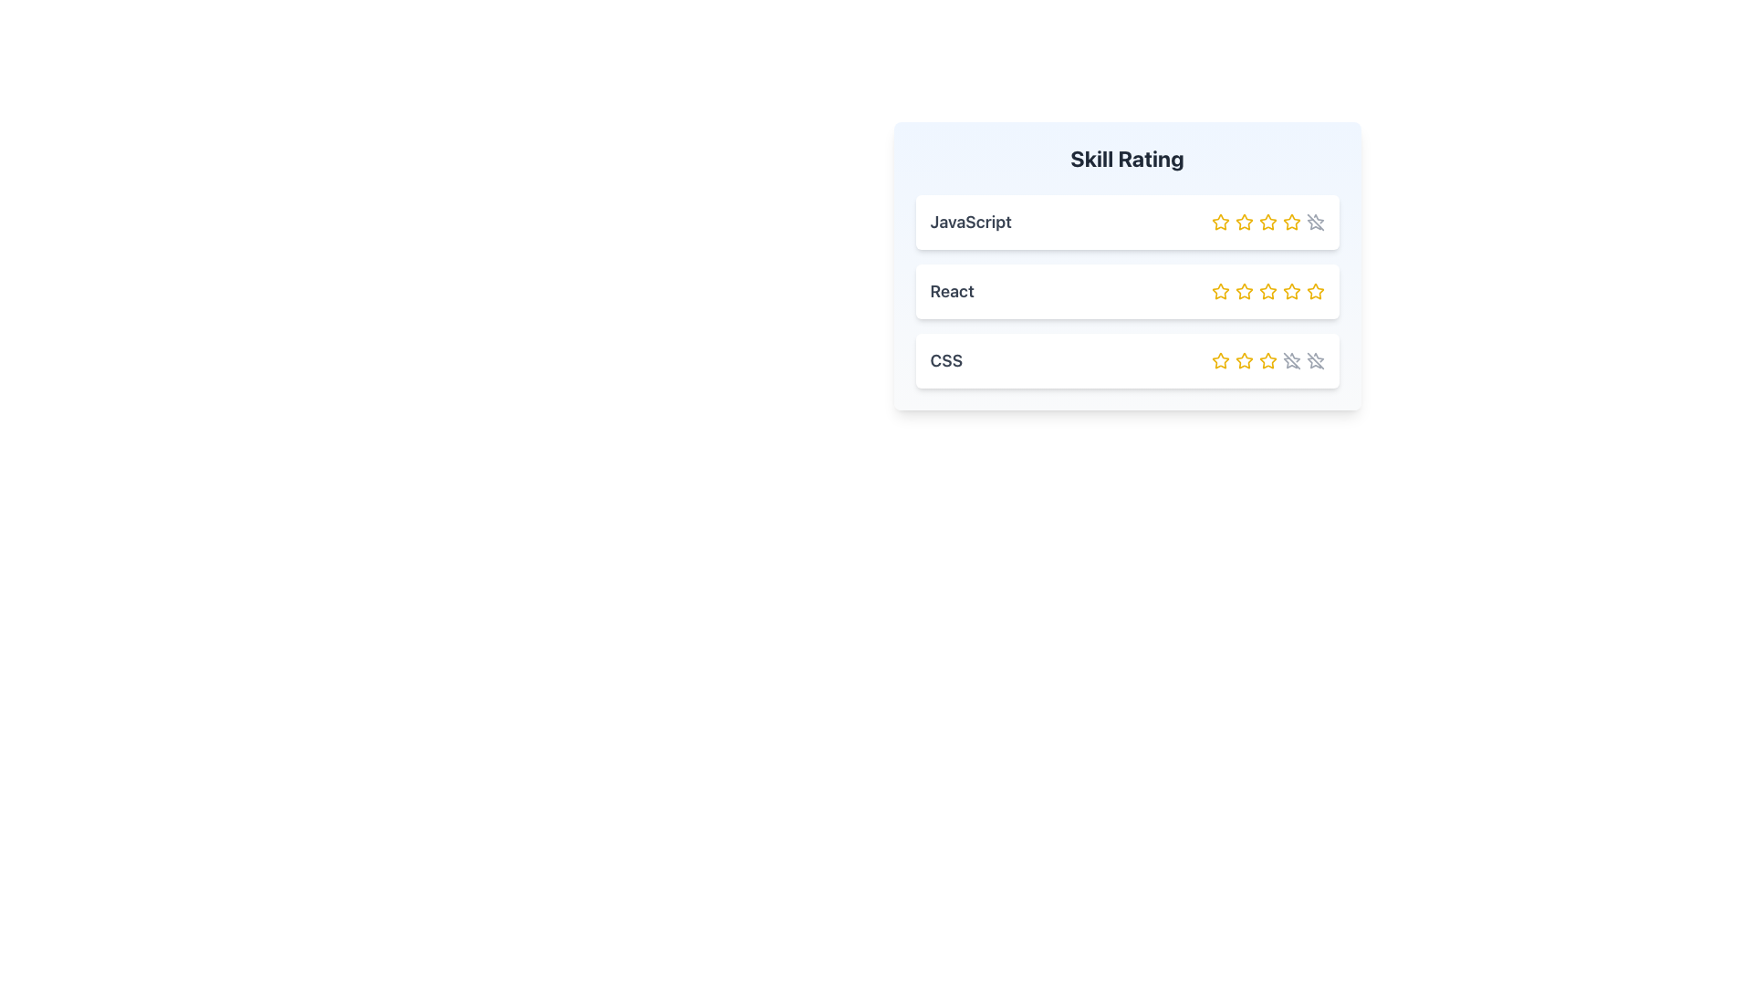  What do you see at coordinates (1315, 221) in the screenshot?
I see `the fifth star in the rating component for the JavaScript skill, which is styled to appear disabled with a non-filled outline and a crossed-out line through its center, indicating it is unselectable` at bounding box center [1315, 221].